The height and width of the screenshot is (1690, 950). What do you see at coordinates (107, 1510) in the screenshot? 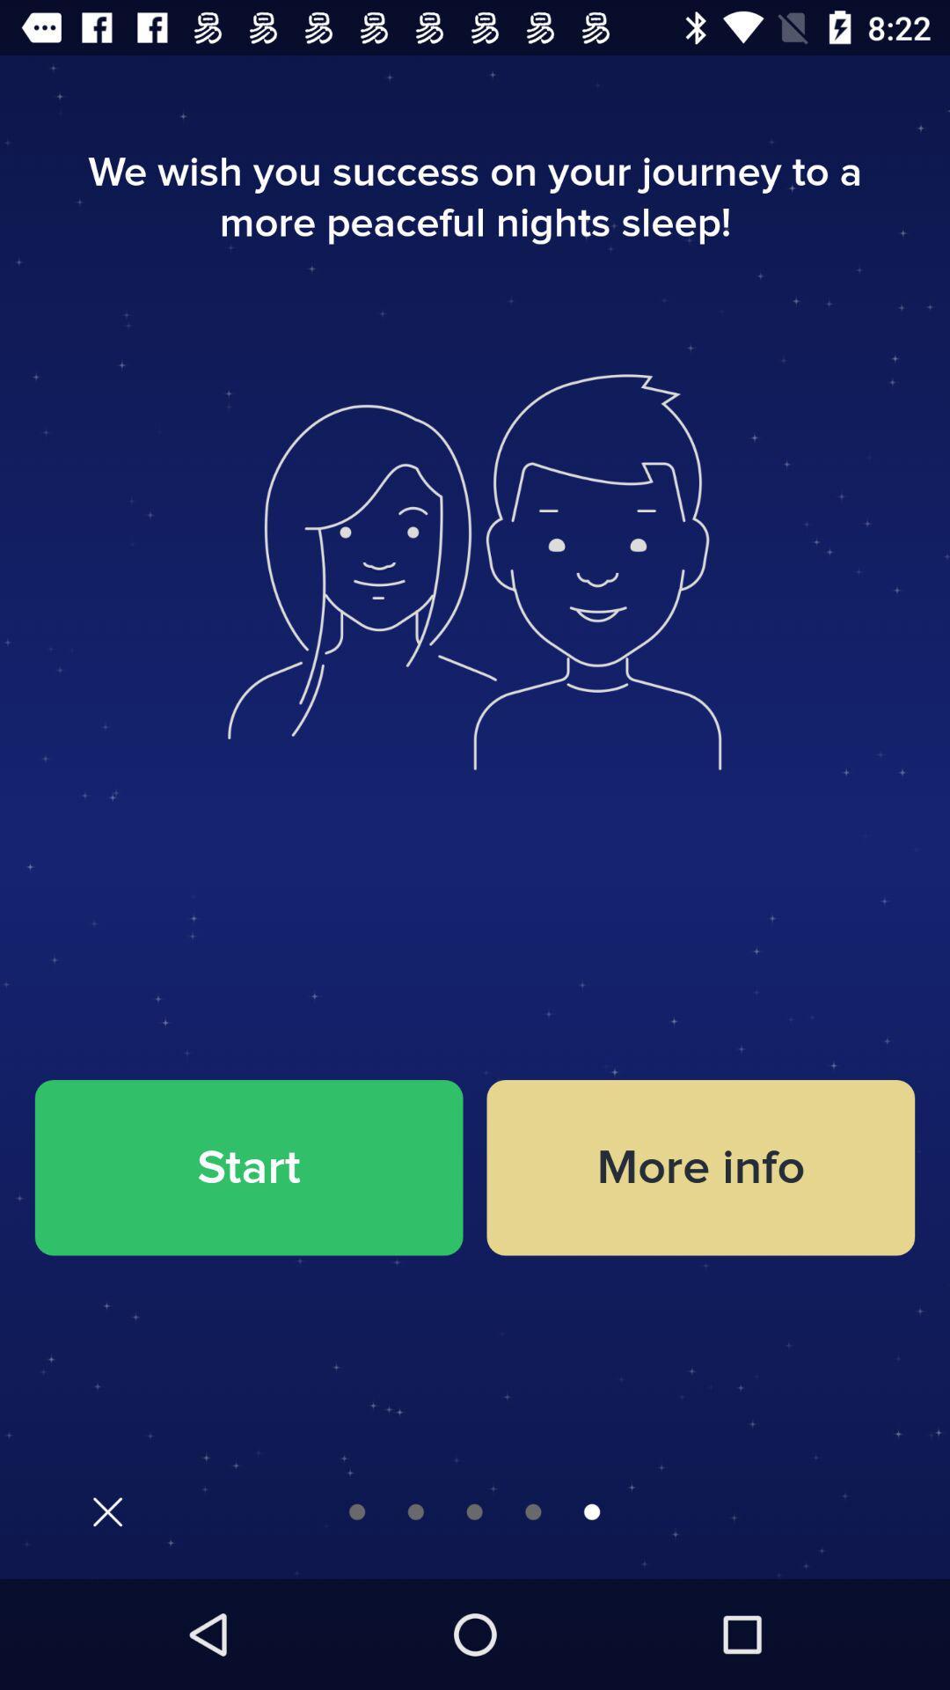
I see `the window` at bounding box center [107, 1510].